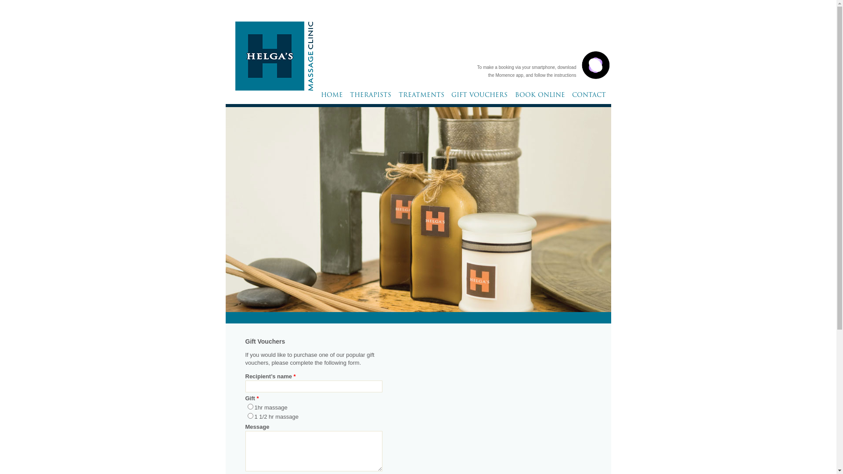  What do you see at coordinates (347, 97) in the screenshot?
I see `'THERAPISTS'` at bounding box center [347, 97].